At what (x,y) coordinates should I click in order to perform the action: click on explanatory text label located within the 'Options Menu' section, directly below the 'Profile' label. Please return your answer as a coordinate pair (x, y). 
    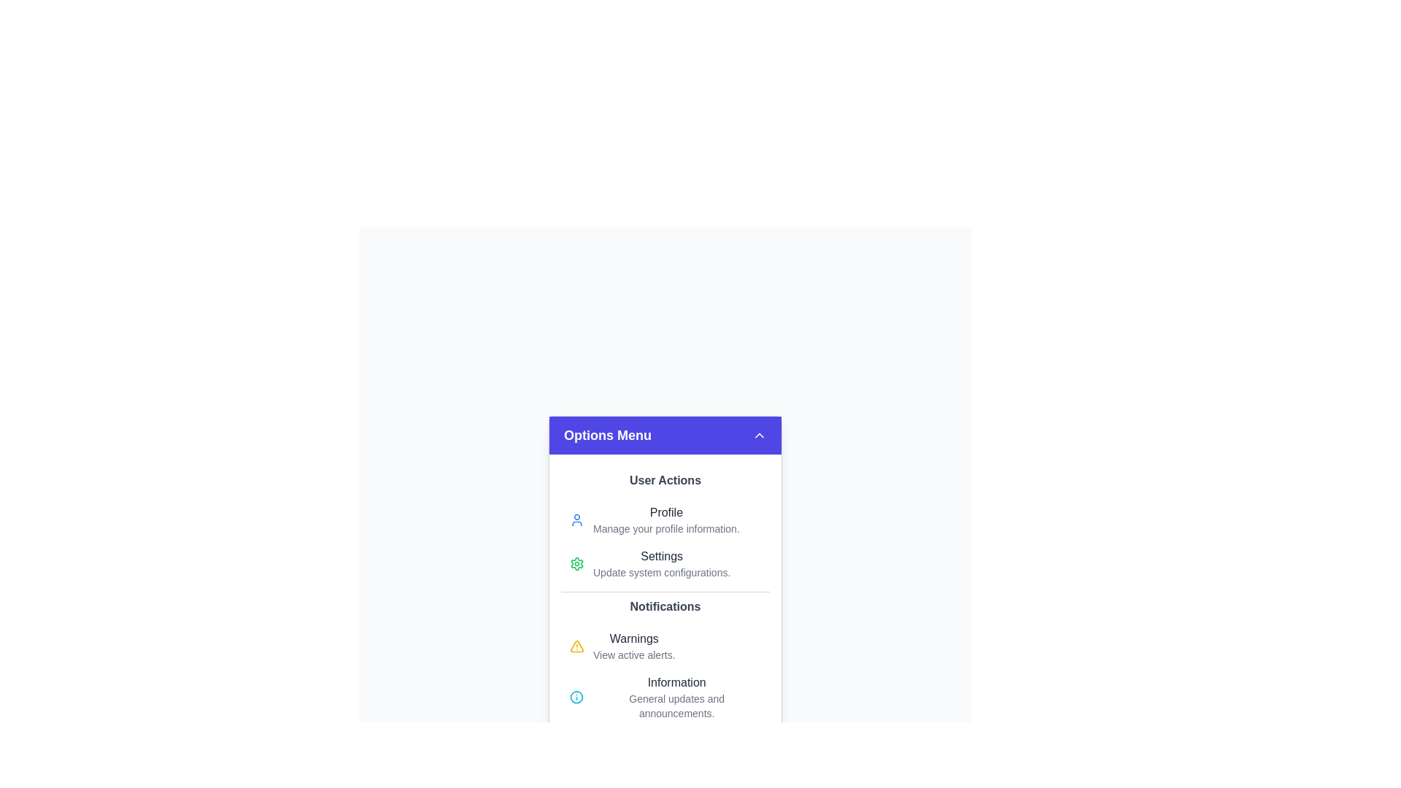
    Looking at the image, I should click on (665, 529).